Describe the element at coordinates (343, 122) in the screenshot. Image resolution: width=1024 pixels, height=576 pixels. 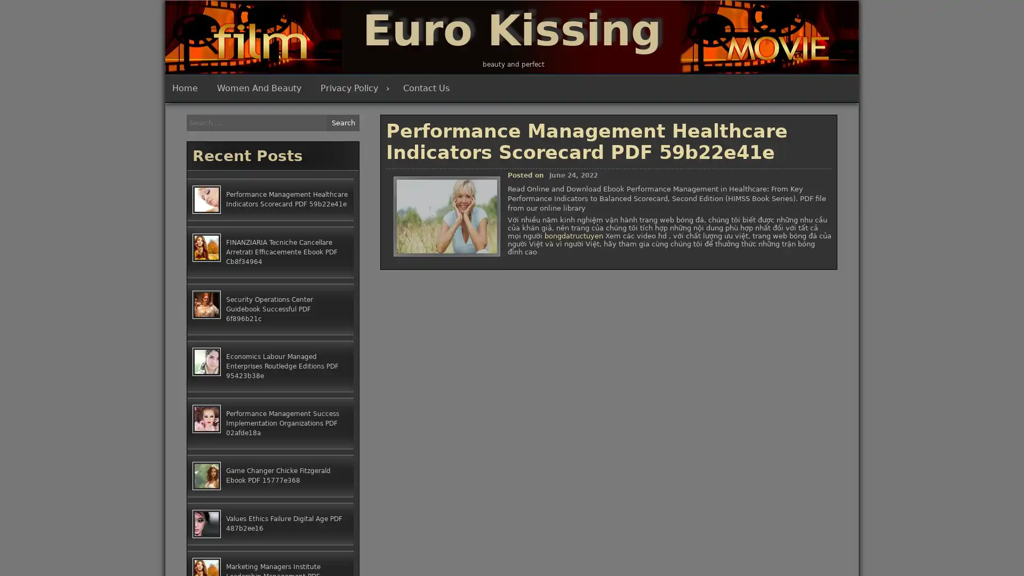
I see `Search` at that location.